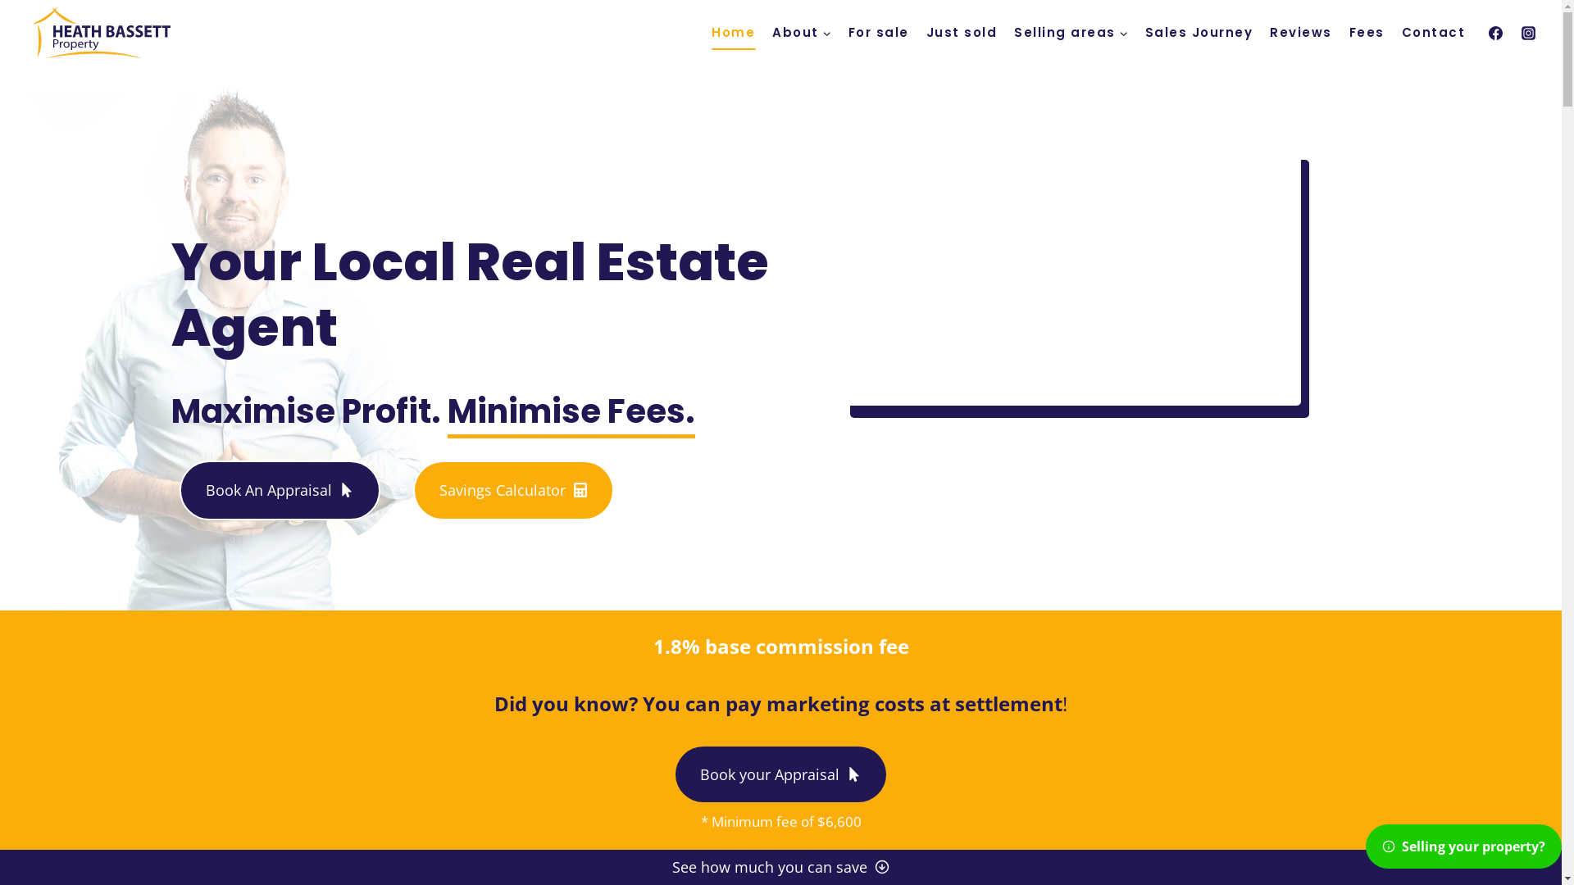 The width and height of the screenshot is (1574, 885). Describe the element at coordinates (762, 32) in the screenshot. I see `'About'` at that location.